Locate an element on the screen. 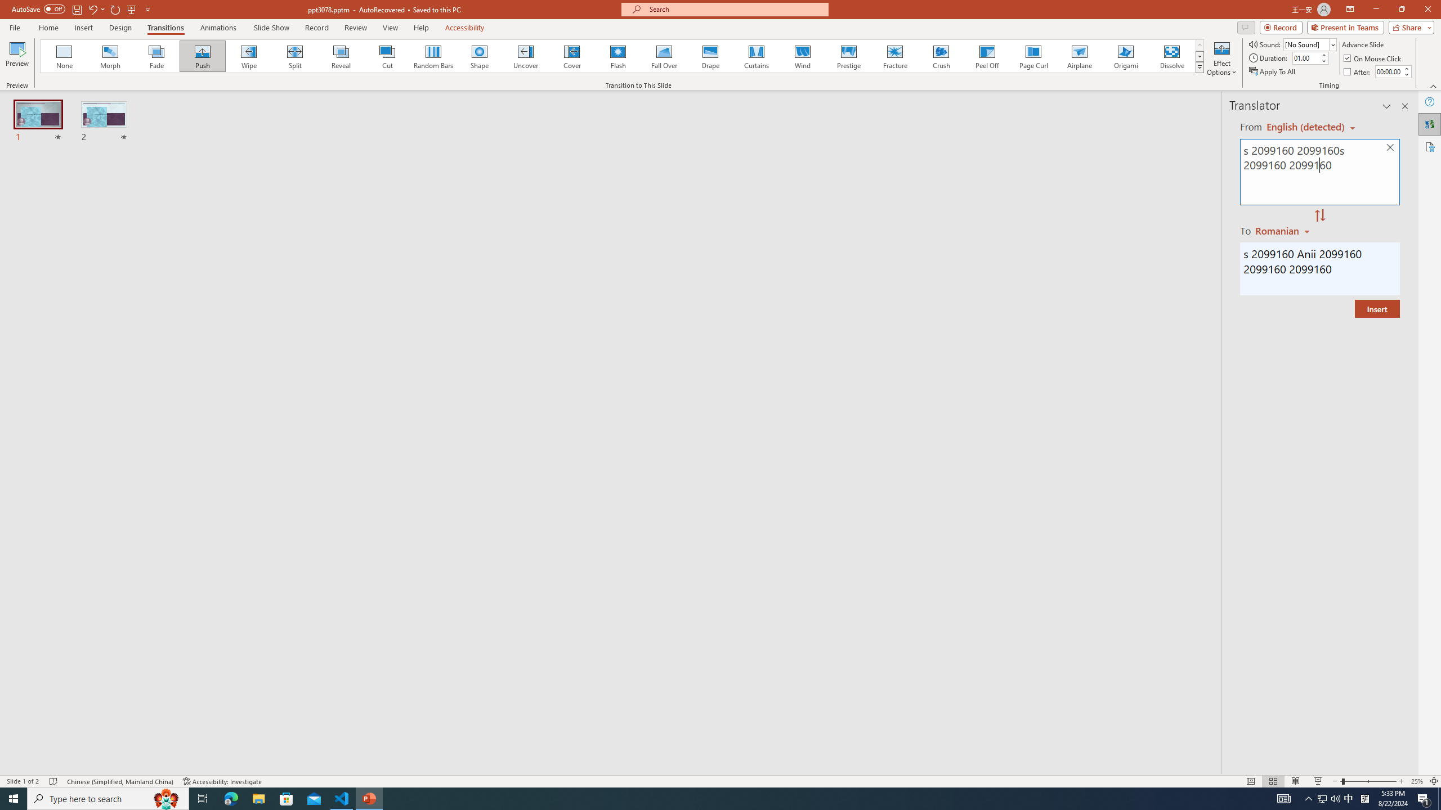 The width and height of the screenshot is (1441, 810). 'Origami' is located at coordinates (1125, 56).